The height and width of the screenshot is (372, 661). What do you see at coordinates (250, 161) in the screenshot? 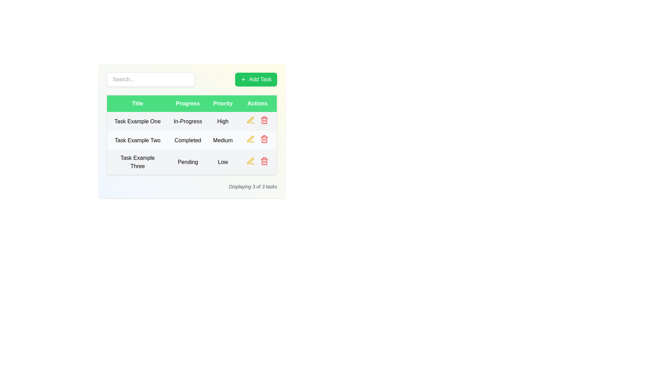
I see `the edit icon in the 'Actions' column, third row for 'Task Example Three', to initiate editing` at bounding box center [250, 161].